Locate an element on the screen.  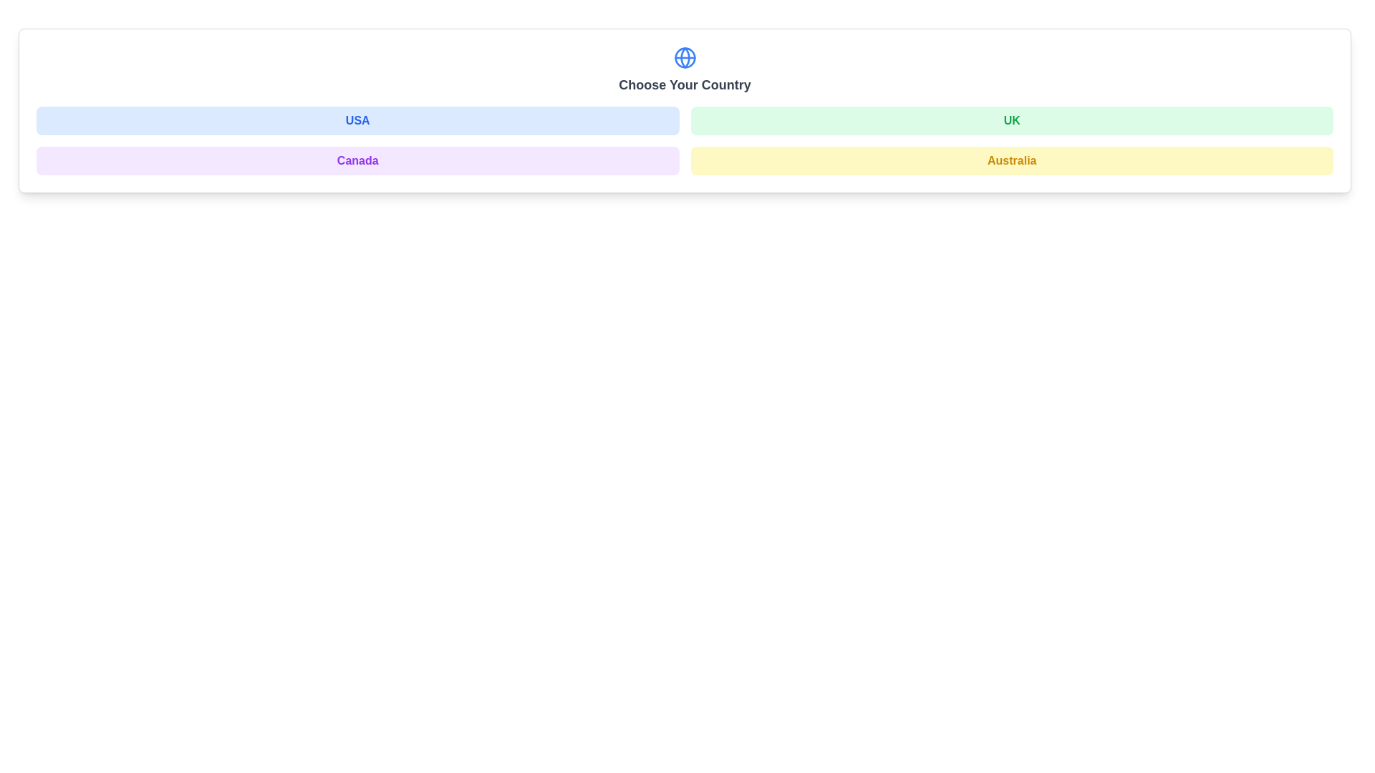
the label or header with an icon that introduces the options for selecting a country, which is located at the top center of a card element above country buttons is located at coordinates (684, 77).